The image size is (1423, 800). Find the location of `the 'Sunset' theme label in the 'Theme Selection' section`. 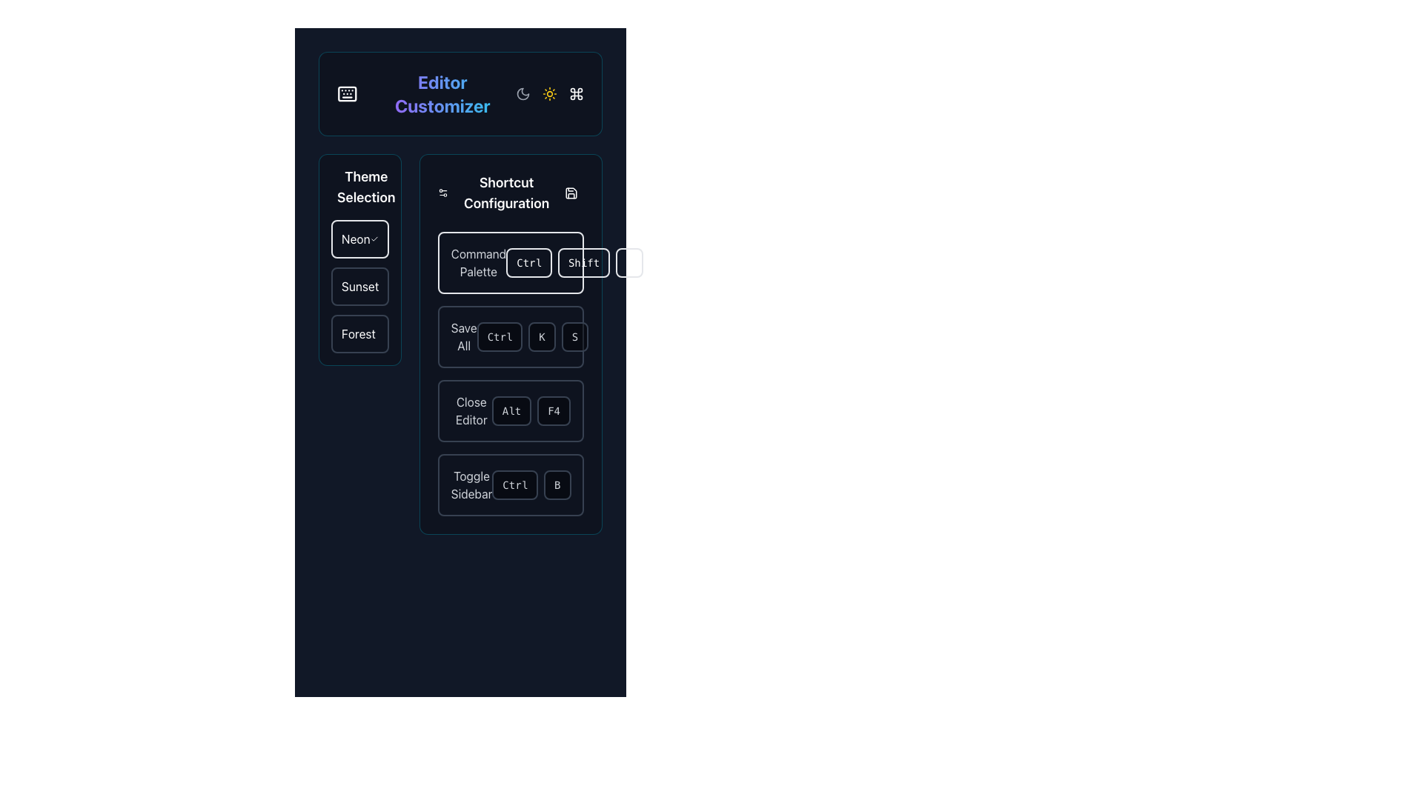

the 'Sunset' theme label in the 'Theme Selection' section is located at coordinates (360, 286).